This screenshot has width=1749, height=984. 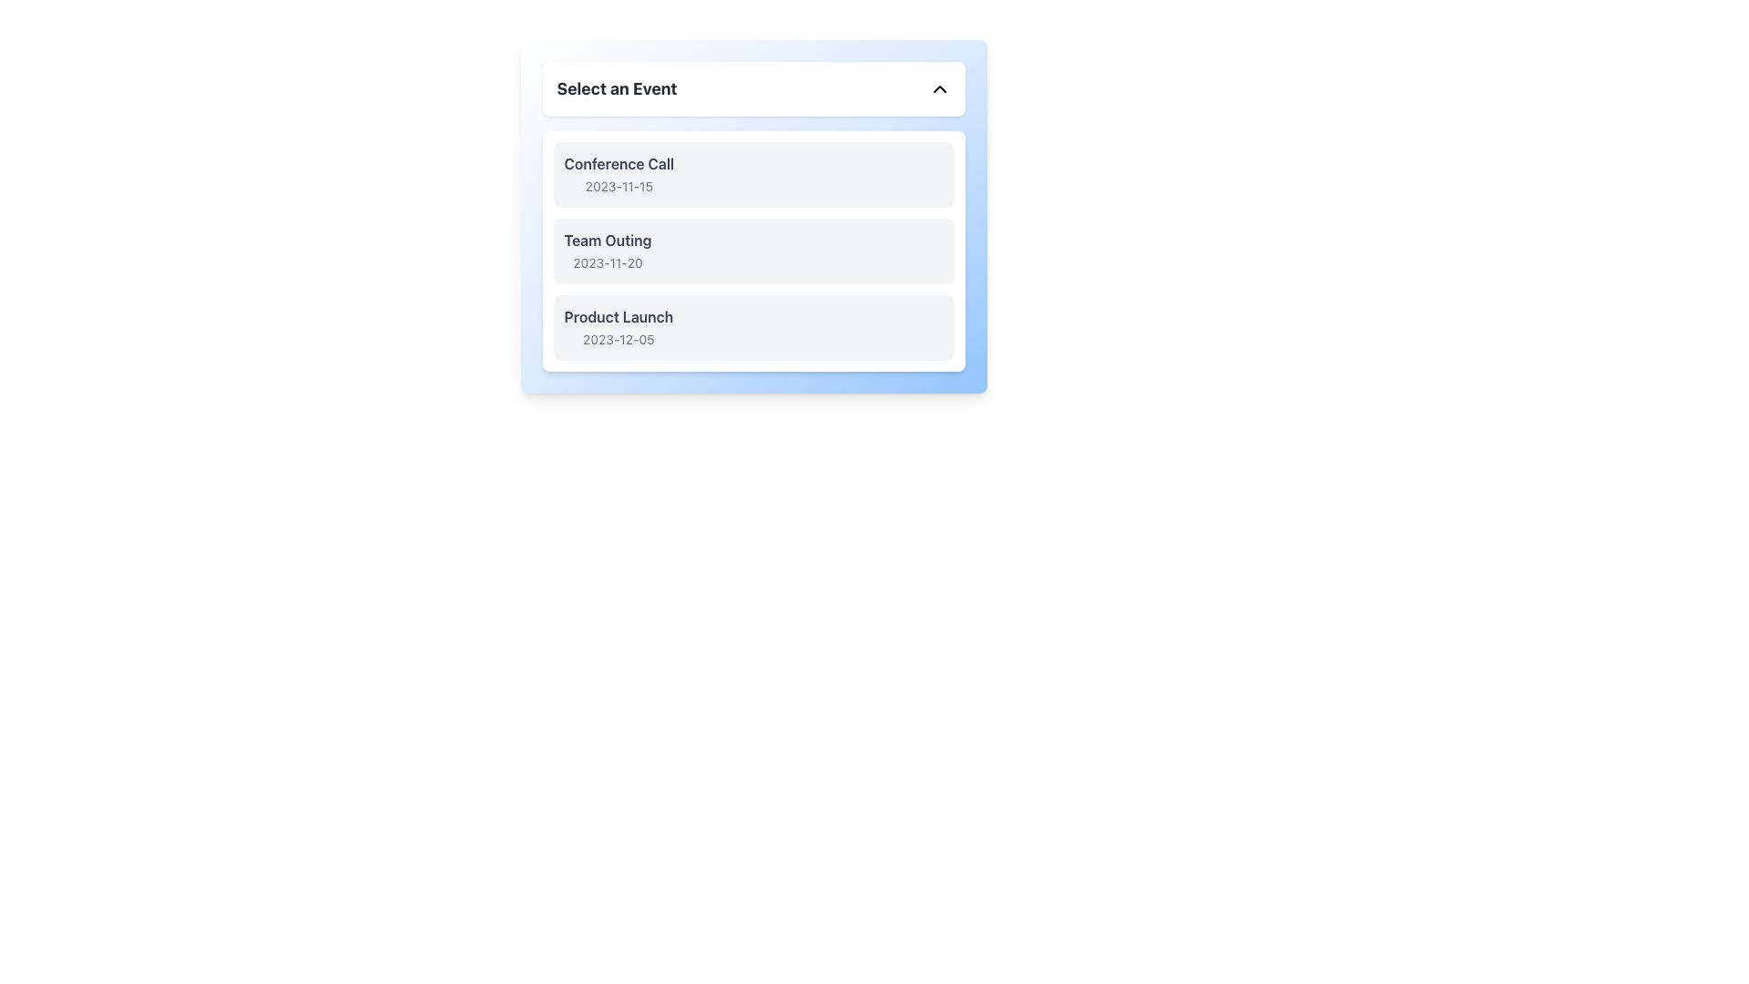 I want to click on the text label representing the event 'Team Outing' scheduled for '2023-11-20', so click(x=608, y=251).